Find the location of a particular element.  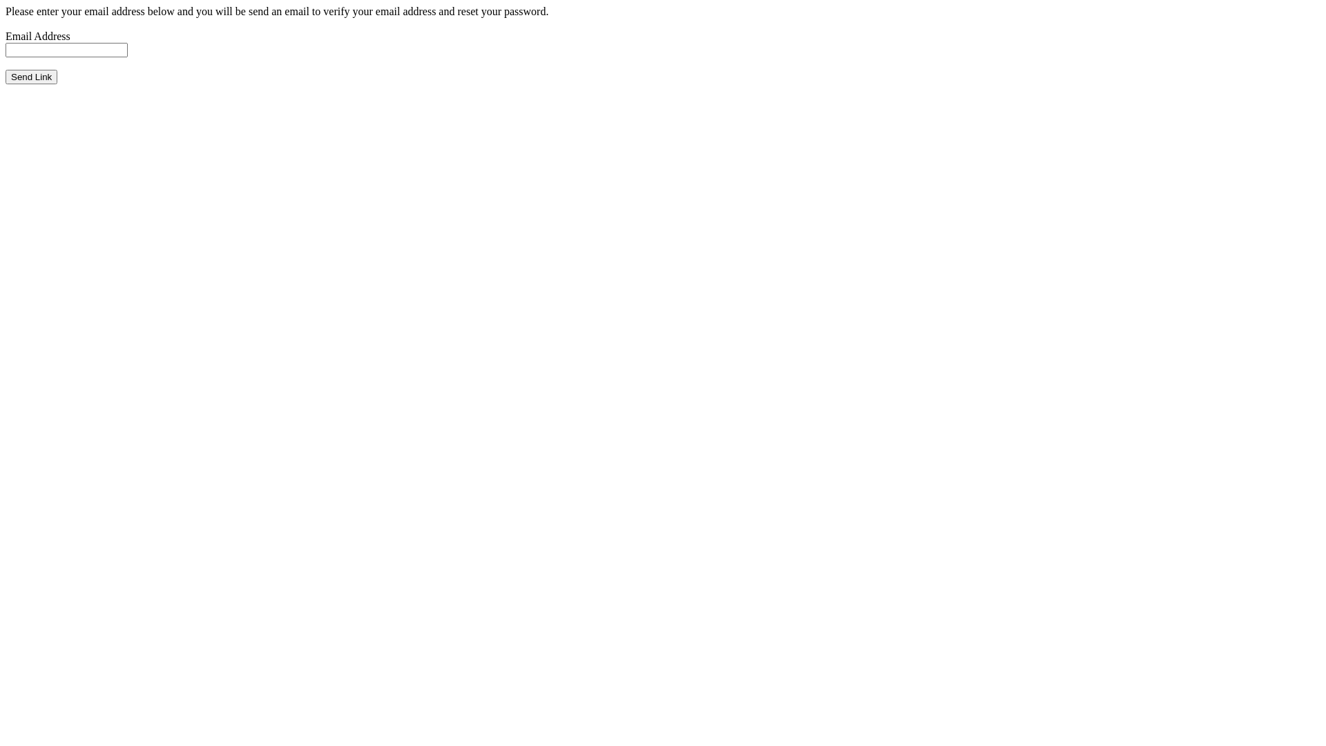

'Send Link' is located at coordinates (31, 77).